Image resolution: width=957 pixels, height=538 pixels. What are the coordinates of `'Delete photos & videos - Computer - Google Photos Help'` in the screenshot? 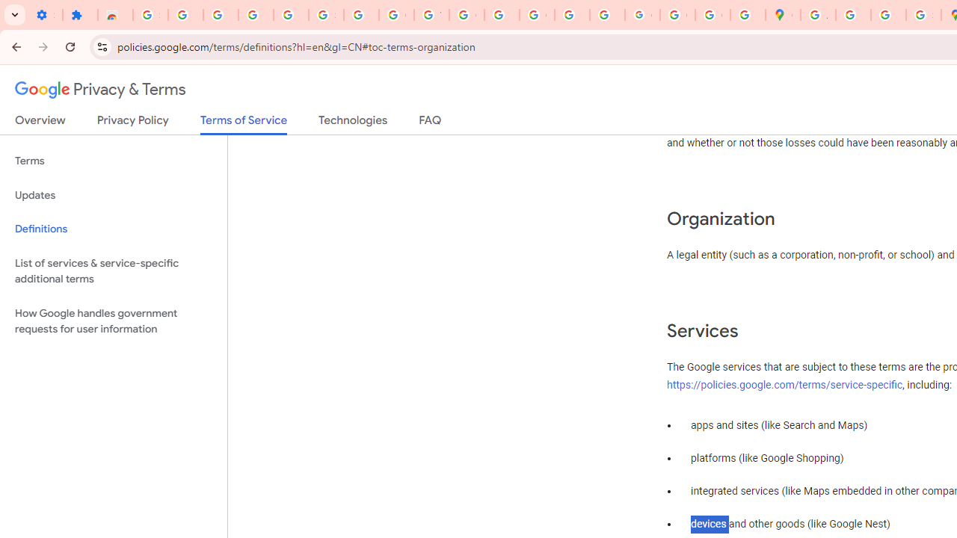 It's located at (220, 15).